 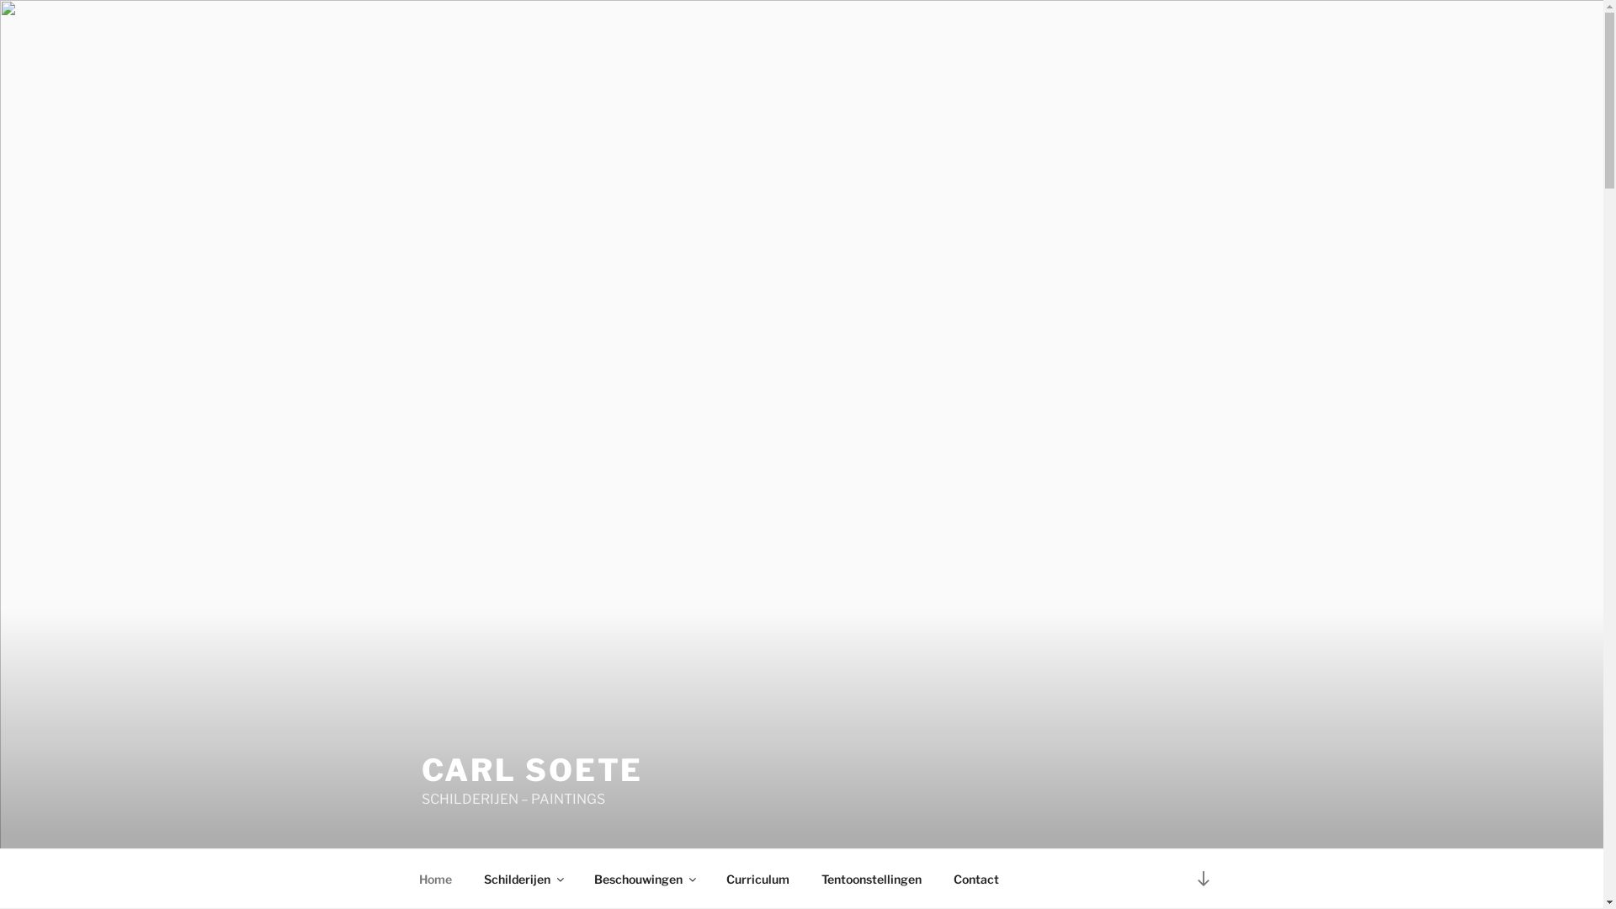 What do you see at coordinates (976, 878) in the screenshot?
I see `'Contact'` at bounding box center [976, 878].